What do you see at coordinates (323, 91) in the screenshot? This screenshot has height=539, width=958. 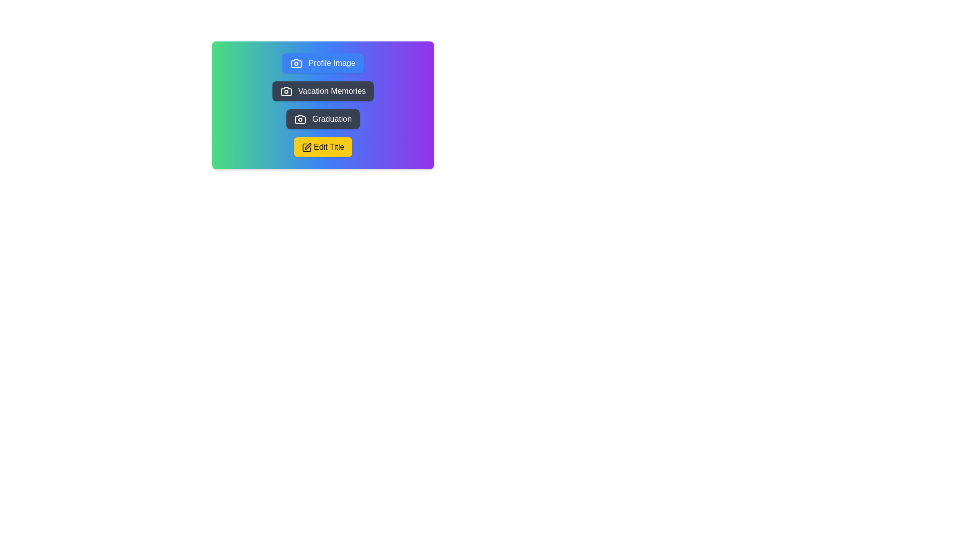 I see `the second button in the vertical ordered set that triggers the 'Vacation Memories' feature` at bounding box center [323, 91].